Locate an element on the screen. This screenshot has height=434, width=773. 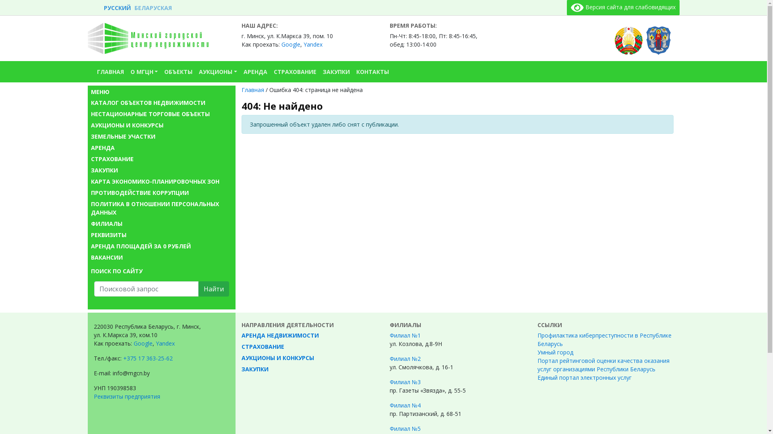
'Google' is located at coordinates (133, 343).